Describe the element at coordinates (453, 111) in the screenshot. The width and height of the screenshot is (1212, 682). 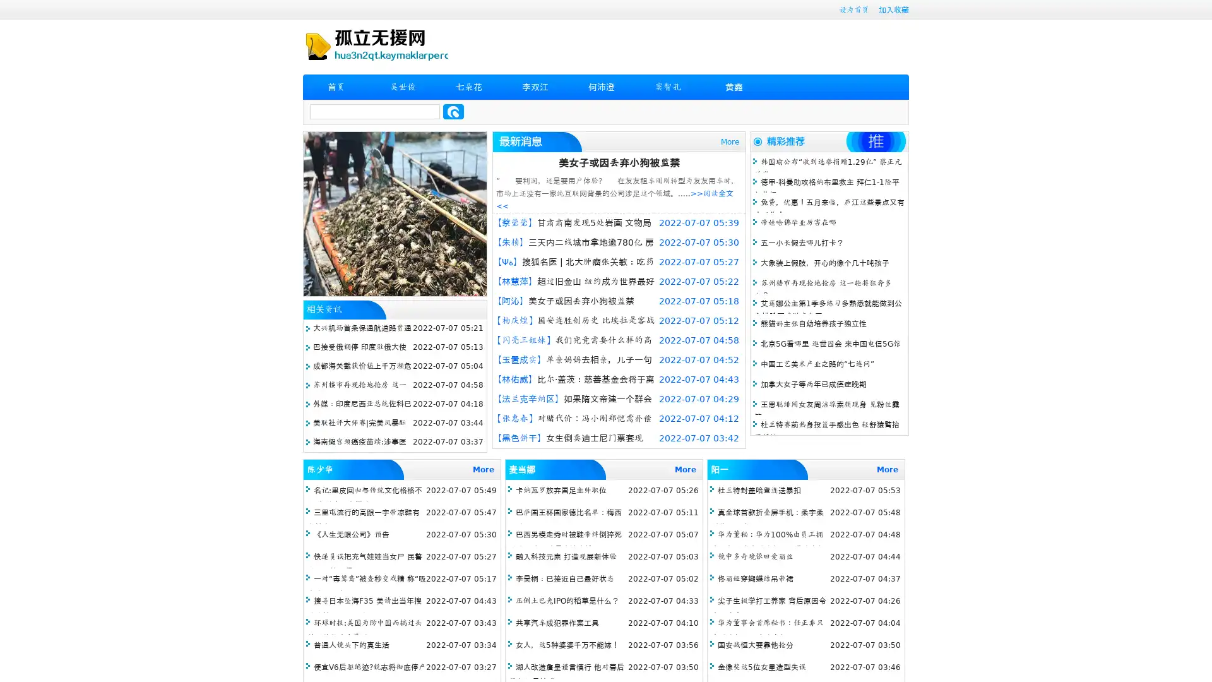
I see `Search` at that location.